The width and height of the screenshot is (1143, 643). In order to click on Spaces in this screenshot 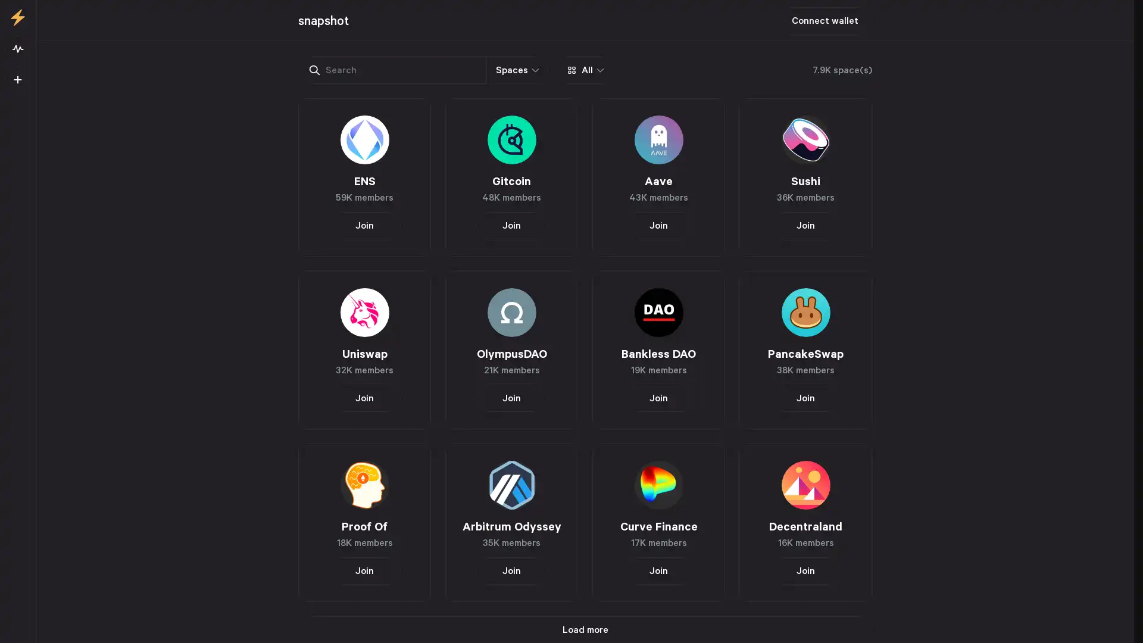, I will do `click(423, 70)`.